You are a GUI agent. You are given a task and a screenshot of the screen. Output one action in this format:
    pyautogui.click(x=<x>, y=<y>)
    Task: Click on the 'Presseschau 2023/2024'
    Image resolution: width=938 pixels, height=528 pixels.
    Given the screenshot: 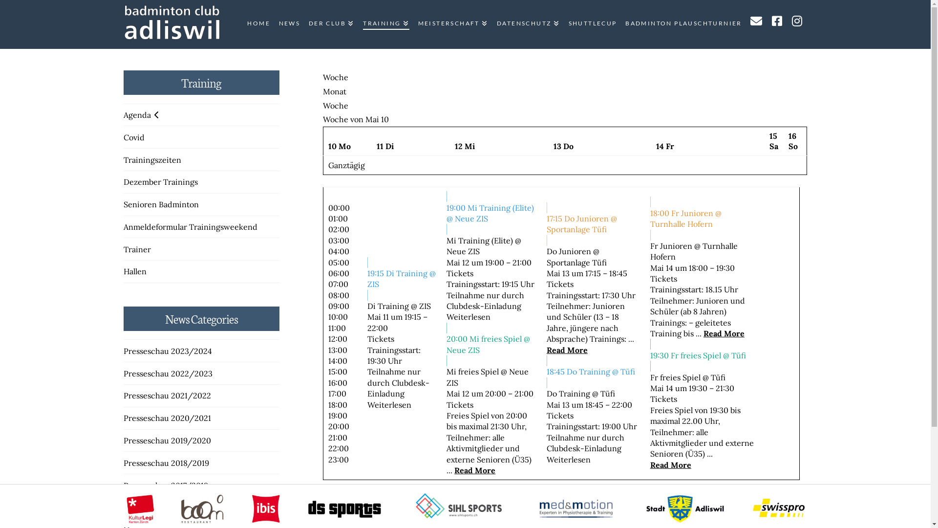 What is the action you would take?
    pyautogui.click(x=167, y=350)
    